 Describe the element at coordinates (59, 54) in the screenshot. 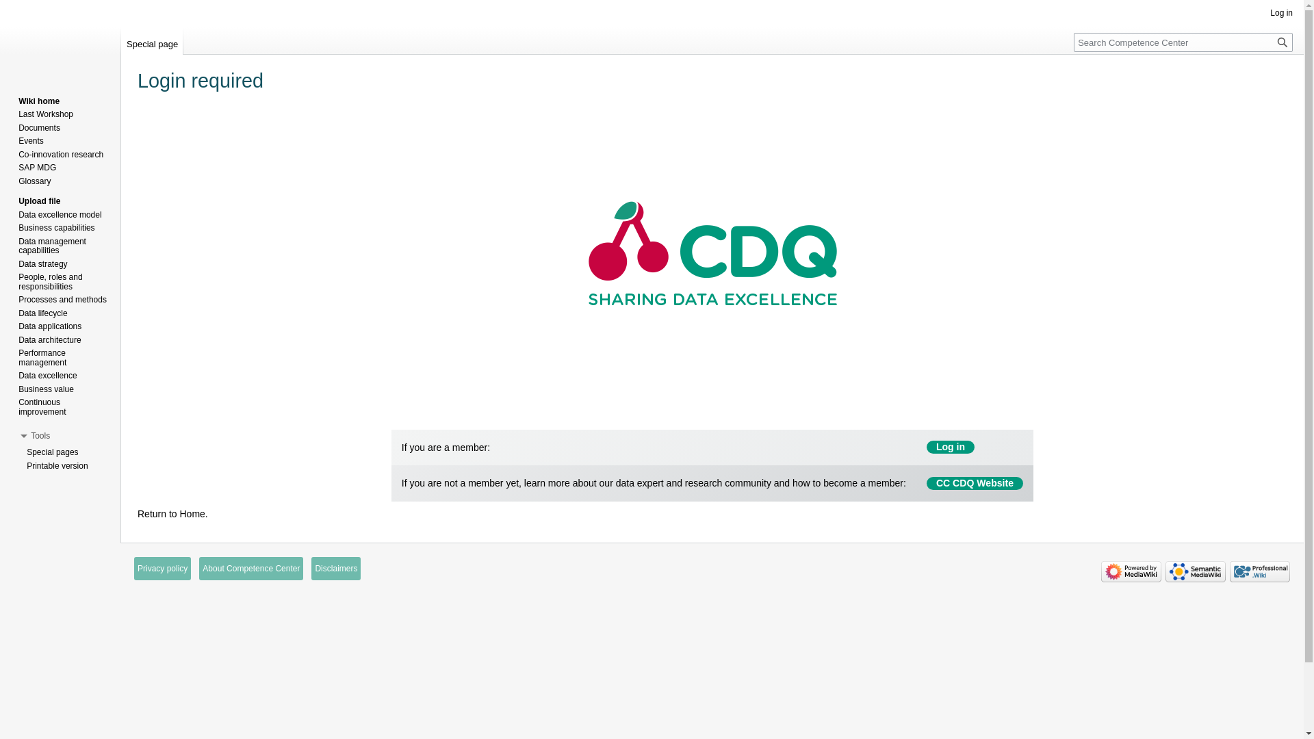

I see `'Visit the main page'` at that location.